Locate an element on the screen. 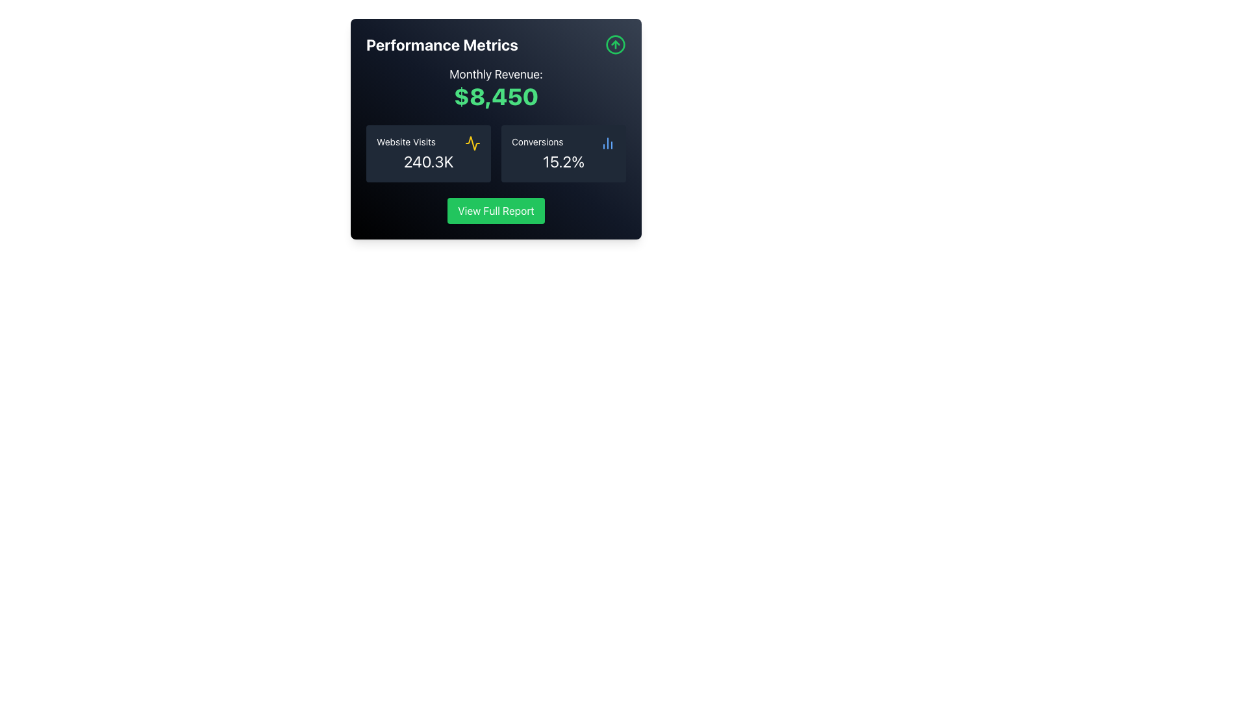 Image resolution: width=1247 pixels, height=701 pixels. the data presented in the Card widget displaying the total number of website visits with the value '240.3K' is located at coordinates (429, 153).